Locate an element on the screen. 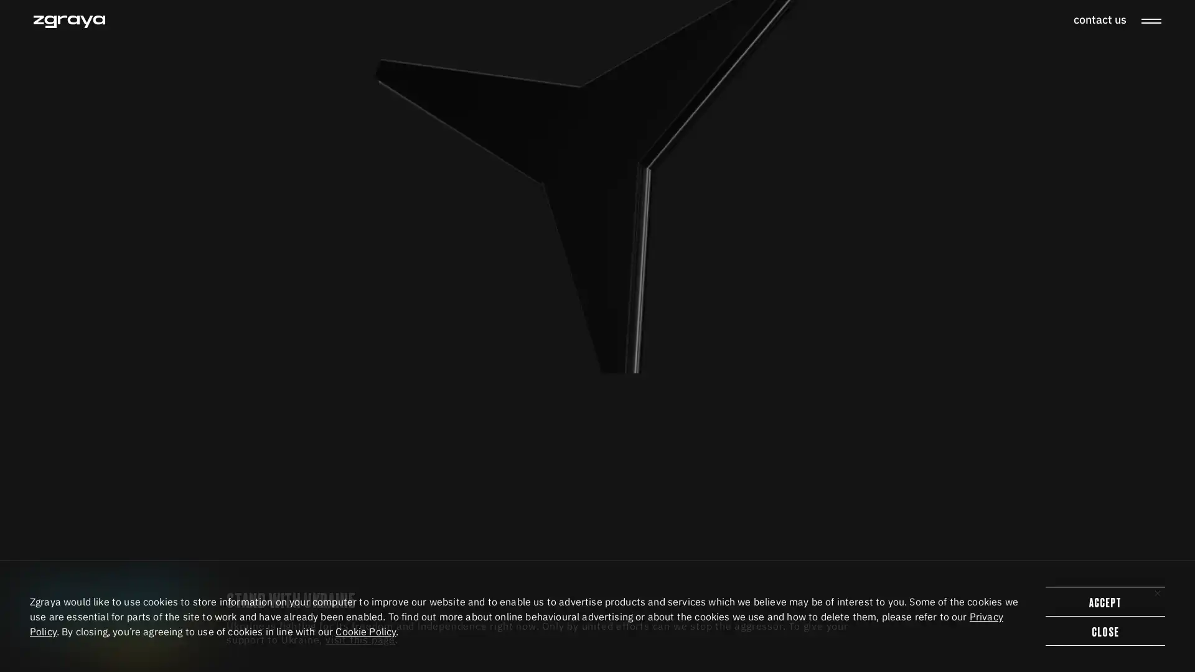 This screenshot has width=1195, height=672. deny cookies is located at coordinates (1105, 631).